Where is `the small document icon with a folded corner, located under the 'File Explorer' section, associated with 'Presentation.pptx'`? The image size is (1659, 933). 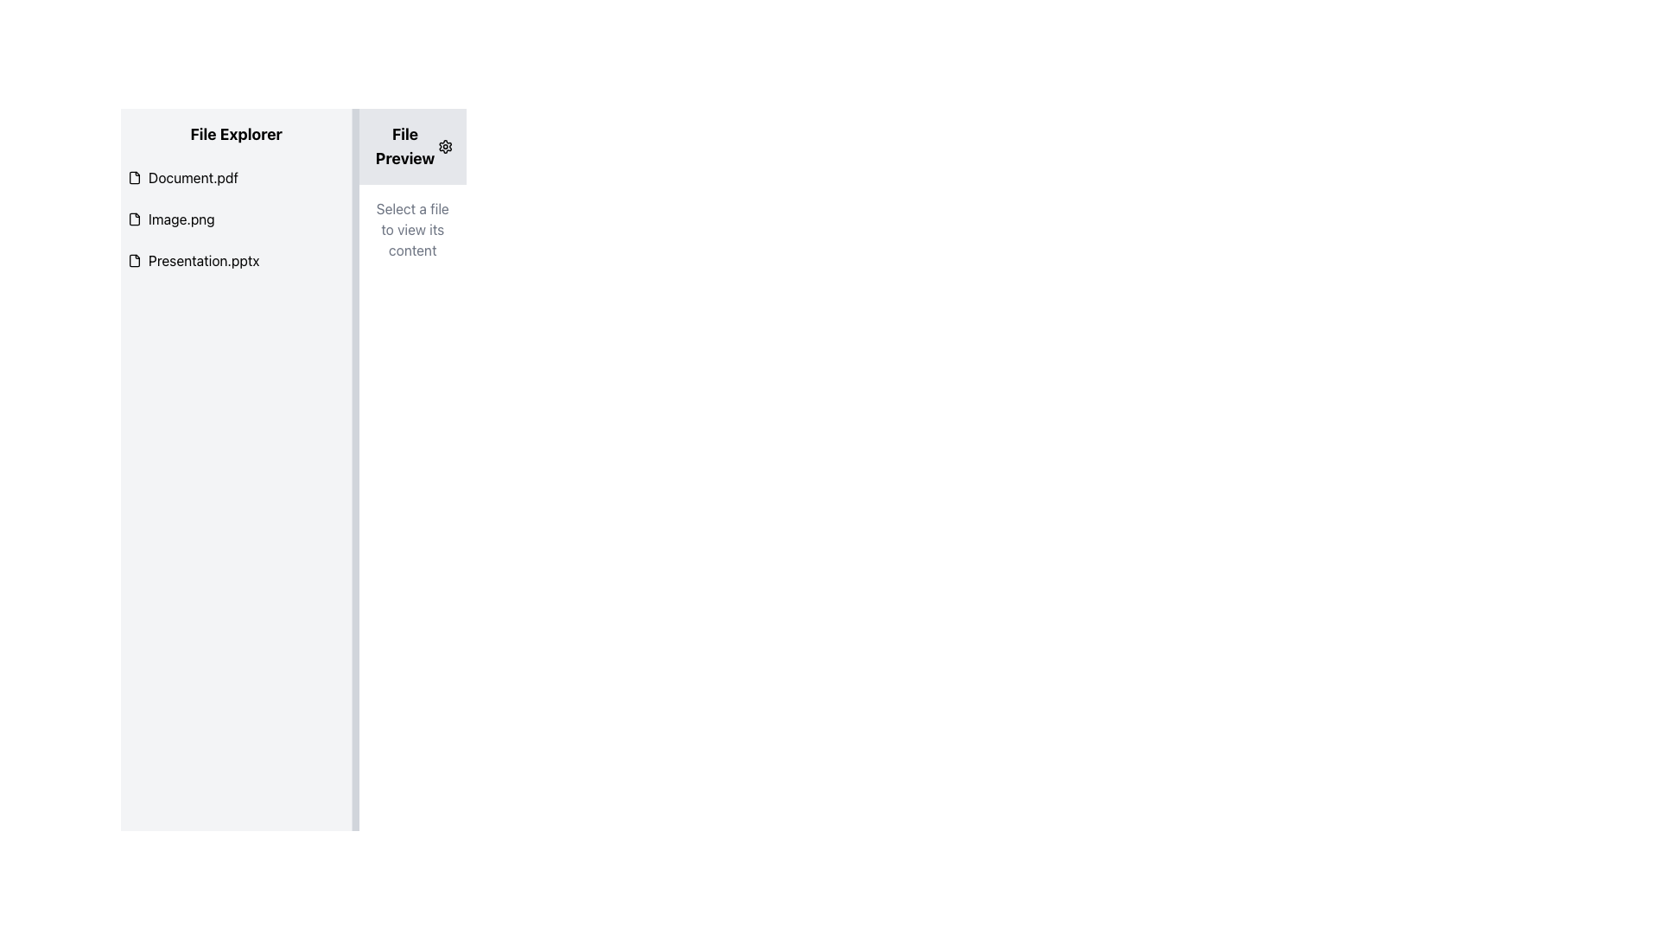
the small document icon with a folded corner, located under the 'File Explorer' section, associated with 'Presentation.pptx' is located at coordinates (134, 260).